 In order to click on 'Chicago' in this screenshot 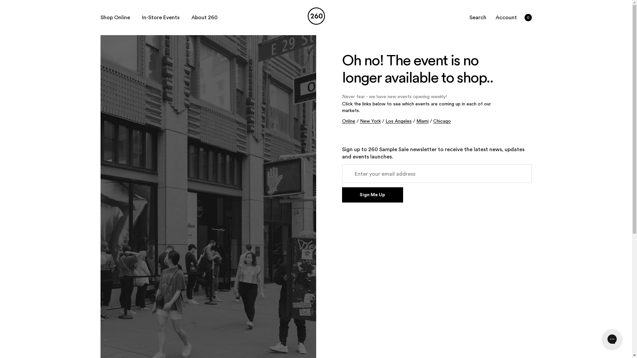, I will do `click(442, 121)`.